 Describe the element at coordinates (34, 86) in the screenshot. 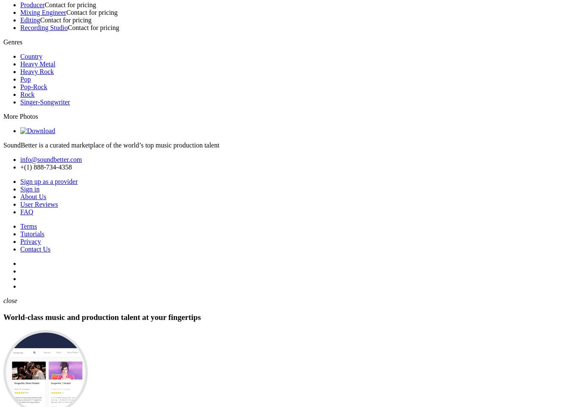

I see `'Pop-Rock'` at that location.